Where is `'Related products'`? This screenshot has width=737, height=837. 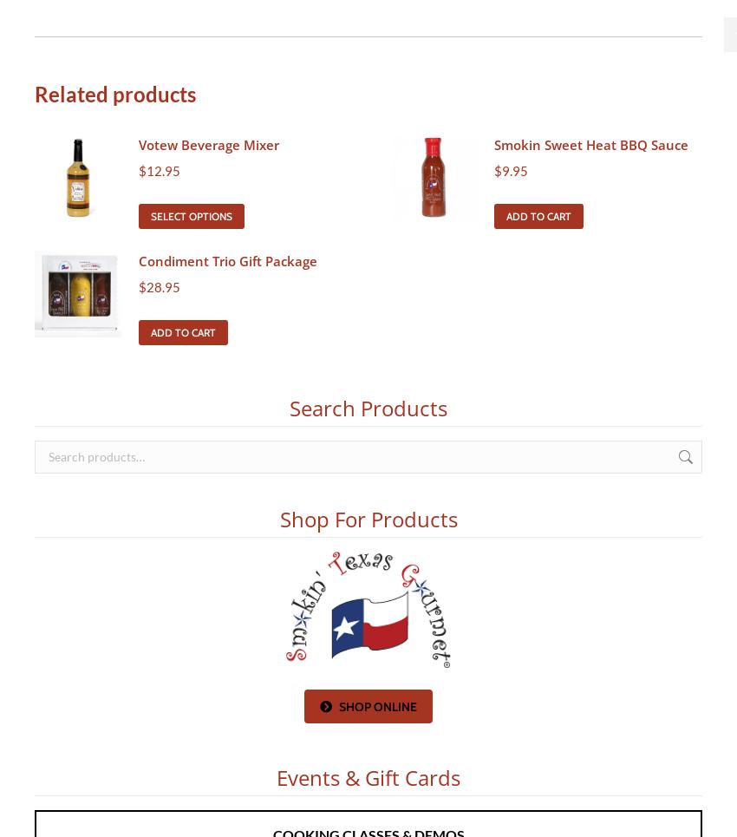
'Related products' is located at coordinates (115, 92).